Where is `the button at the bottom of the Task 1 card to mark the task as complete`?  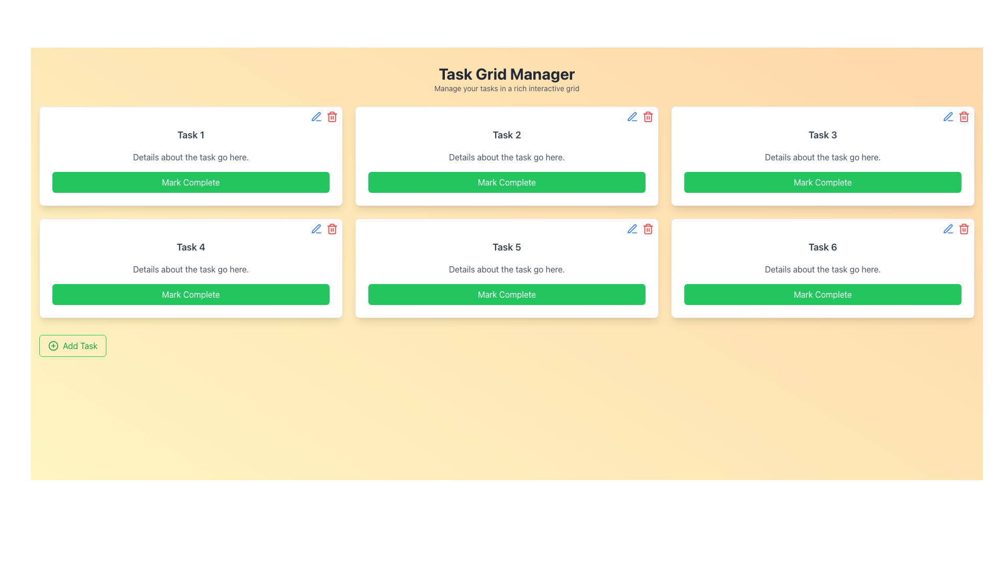
the button at the bottom of the Task 1 card to mark the task as complete is located at coordinates (191, 181).